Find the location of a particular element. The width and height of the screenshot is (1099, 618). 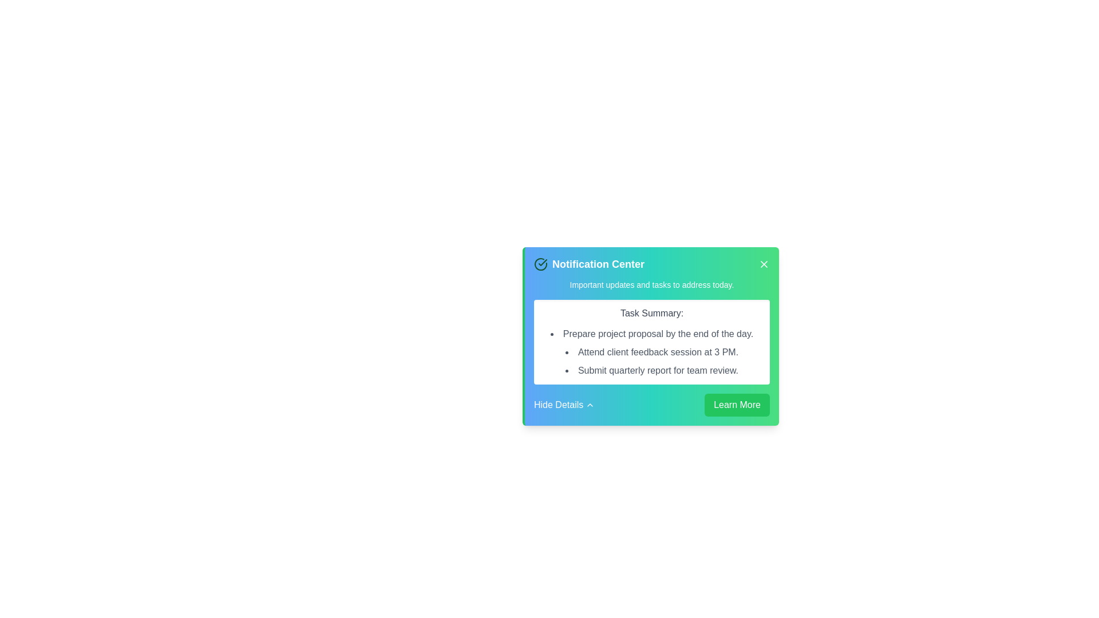

text properties of the 'Task Summary:' label, which is a bold, medium font in dark gray, positioned as a header in a notification interface is located at coordinates (651, 313).